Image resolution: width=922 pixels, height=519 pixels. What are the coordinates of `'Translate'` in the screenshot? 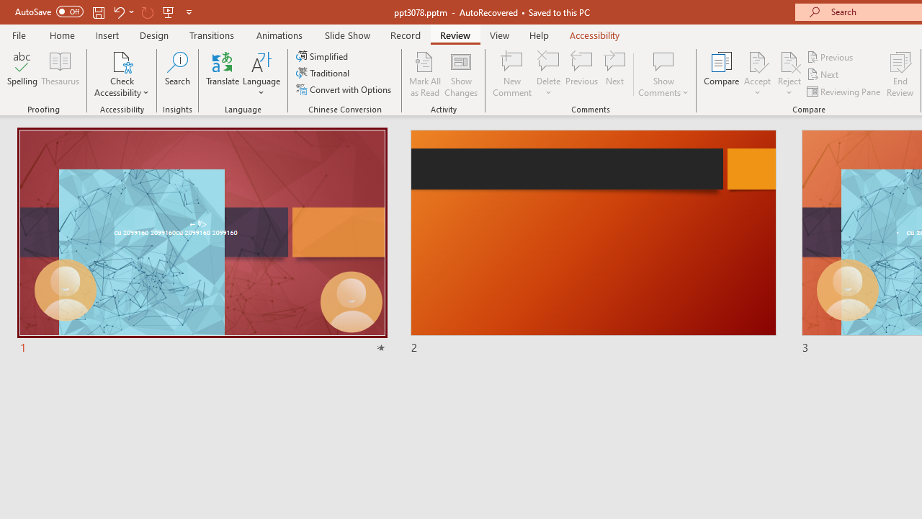 It's located at (222, 74).